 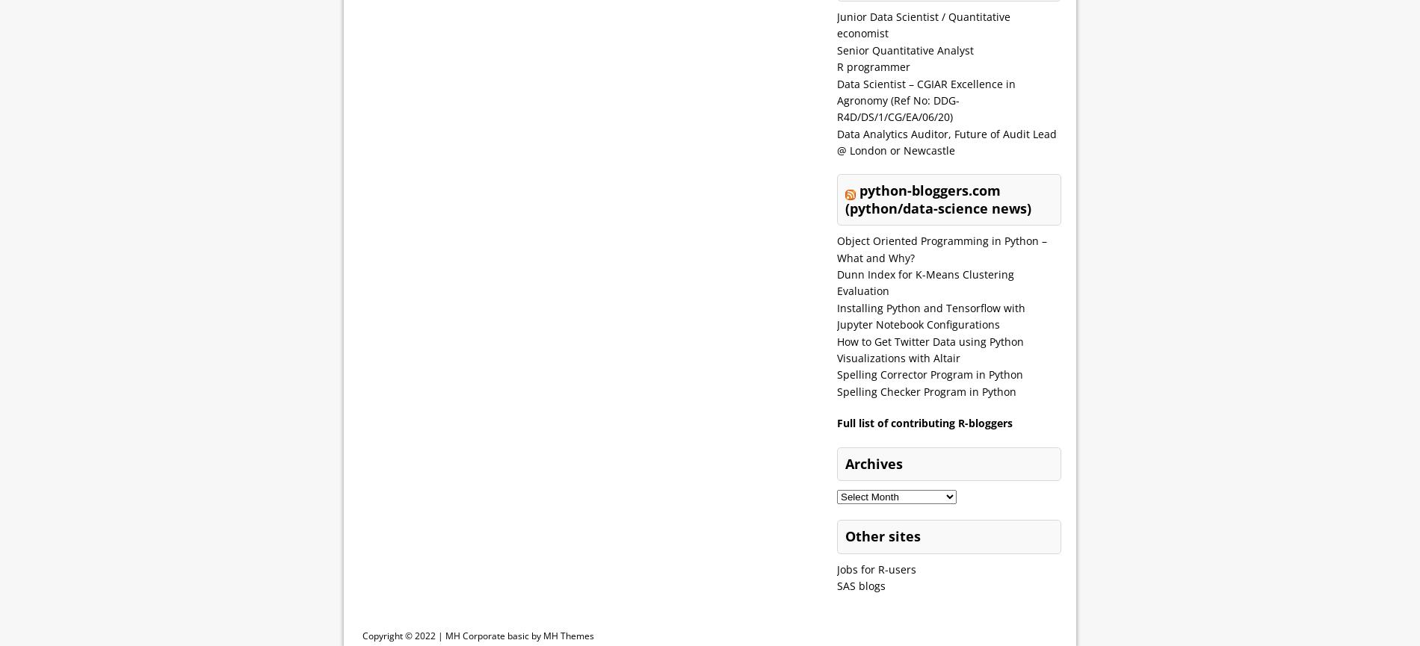 I want to click on 'Archives', so click(x=874, y=463).